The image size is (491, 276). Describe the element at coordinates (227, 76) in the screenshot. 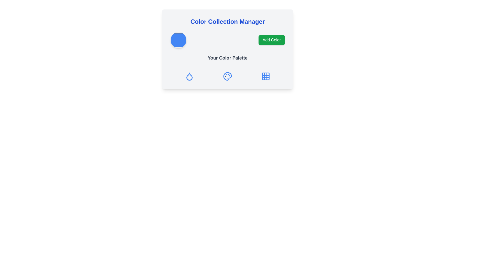

I see `the central circular section of the SVG palette icon that has a blue stroke and contains smaller circular dots around it` at that location.